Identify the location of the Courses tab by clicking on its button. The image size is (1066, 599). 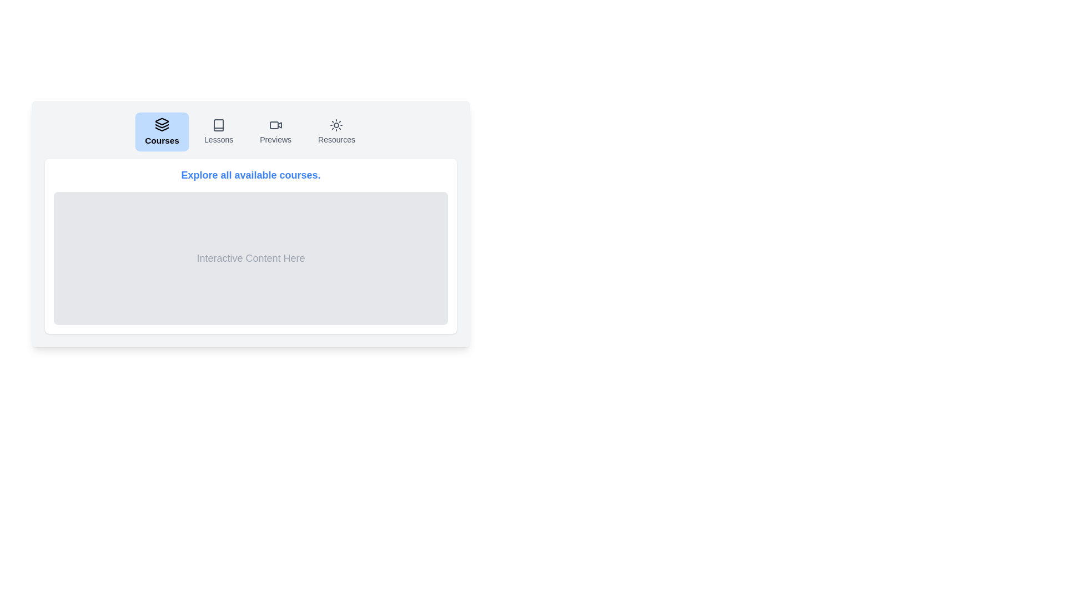
(162, 131).